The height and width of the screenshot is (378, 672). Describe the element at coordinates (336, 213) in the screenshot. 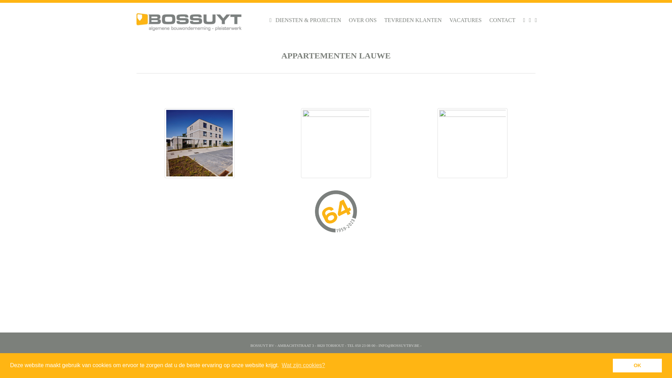

I see `'Bestaat meer dan 55 jaar'` at that location.